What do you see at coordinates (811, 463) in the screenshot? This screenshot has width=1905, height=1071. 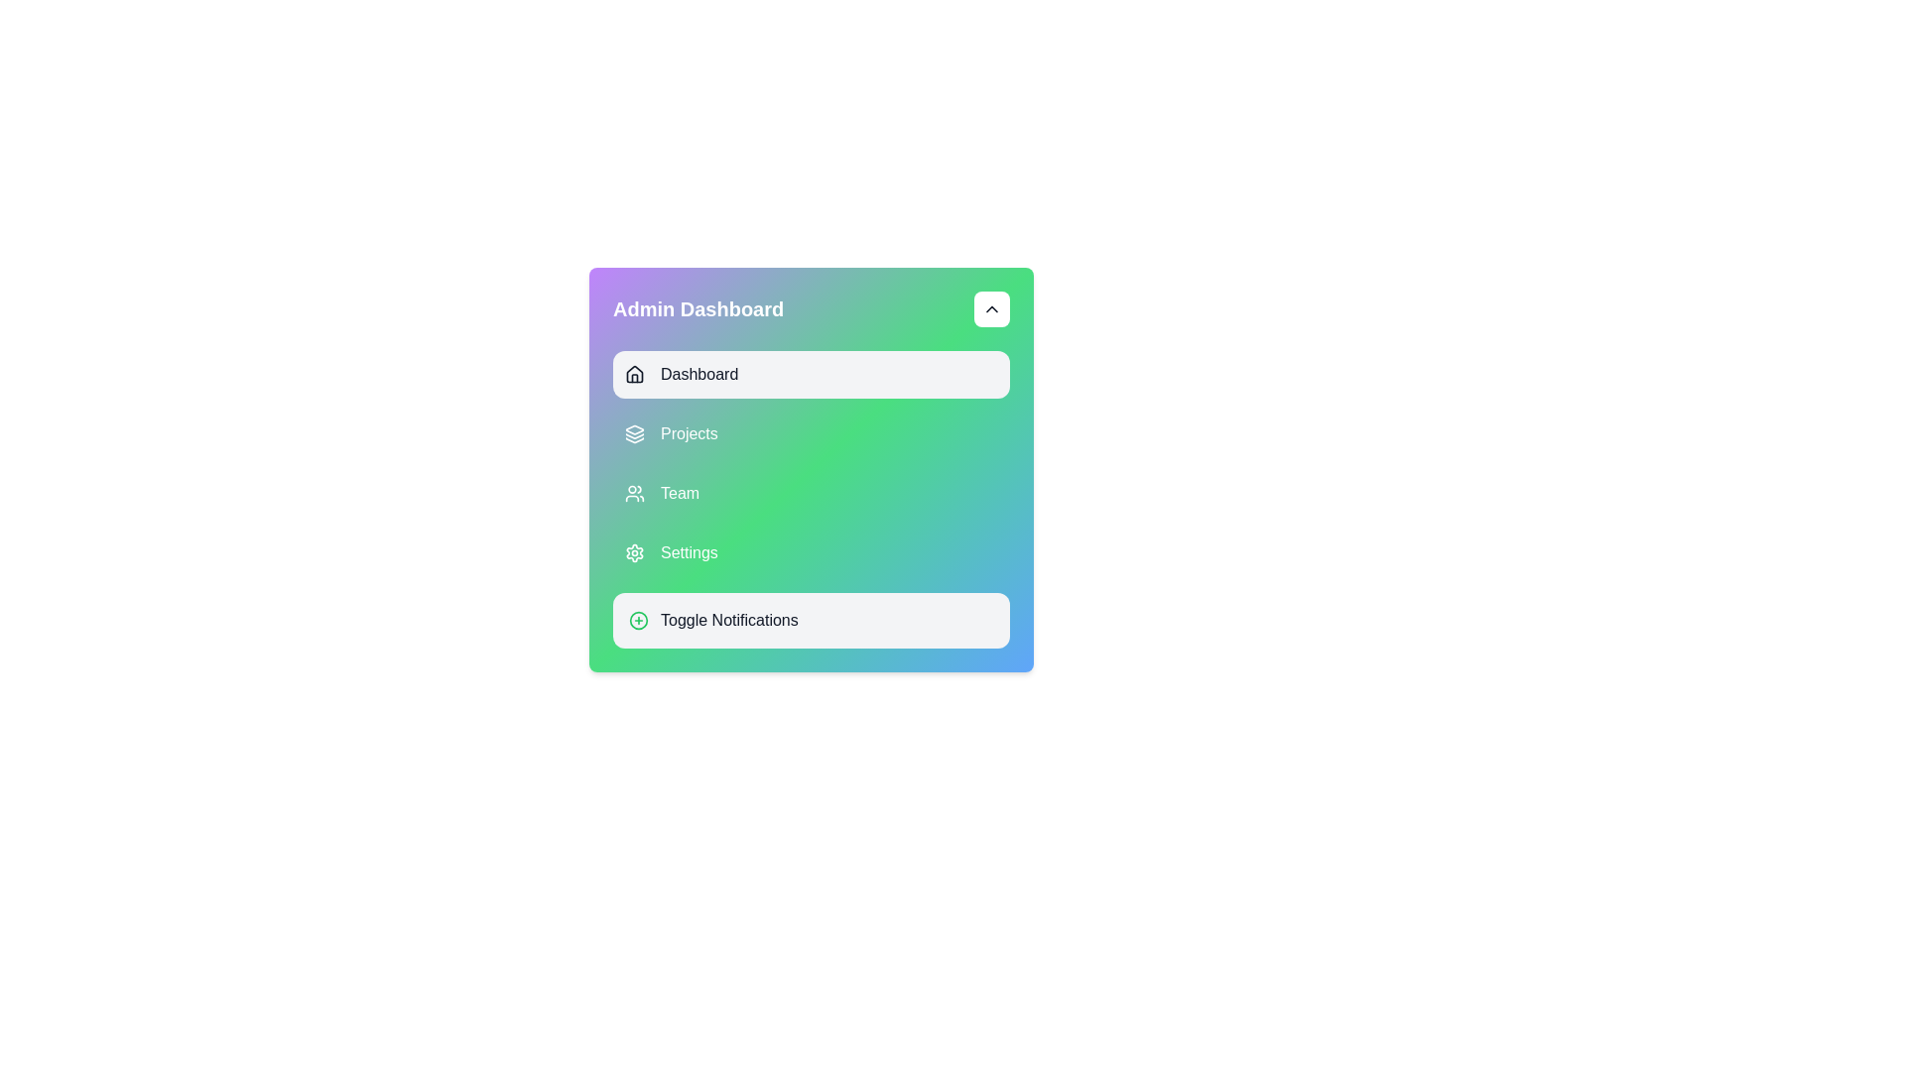 I see `the vertical menu containing the items 'Dashboard', 'Projects', 'Team', and 'Settings'` at bounding box center [811, 463].